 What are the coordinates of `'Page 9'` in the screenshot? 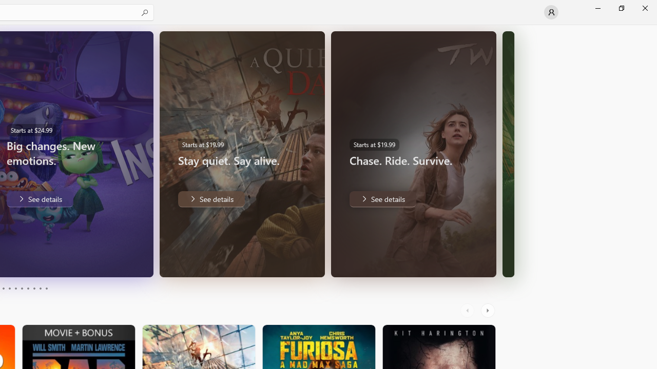 It's located at (40, 289).